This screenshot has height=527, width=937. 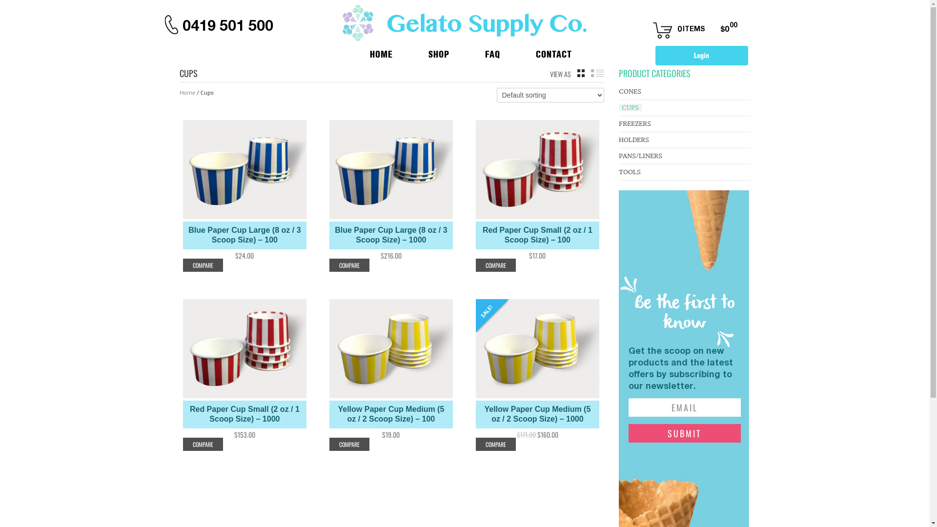 I want to click on 'CUPS', so click(x=630, y=107).